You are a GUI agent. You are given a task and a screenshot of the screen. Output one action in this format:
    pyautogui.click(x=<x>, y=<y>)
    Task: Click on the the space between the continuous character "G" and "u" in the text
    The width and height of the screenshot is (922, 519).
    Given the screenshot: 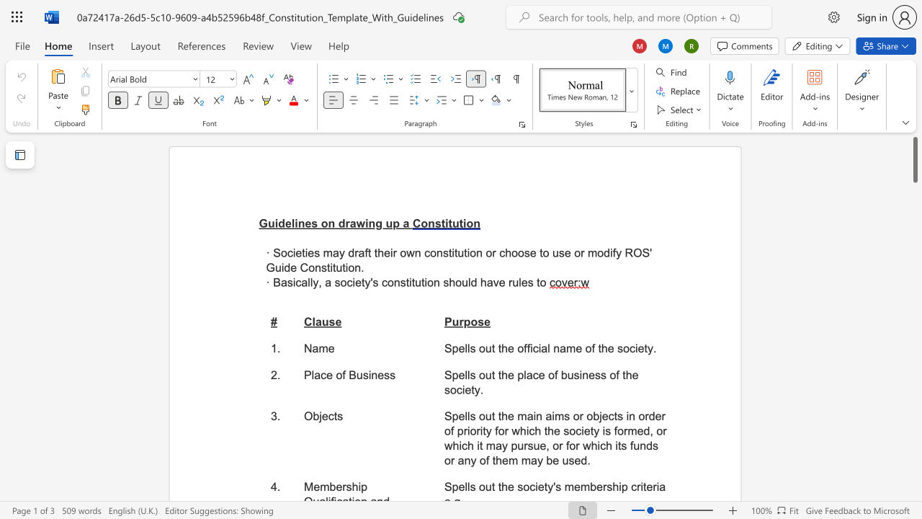 What is the action you would take?
    pyautogui.click(x=267, y=223)
    